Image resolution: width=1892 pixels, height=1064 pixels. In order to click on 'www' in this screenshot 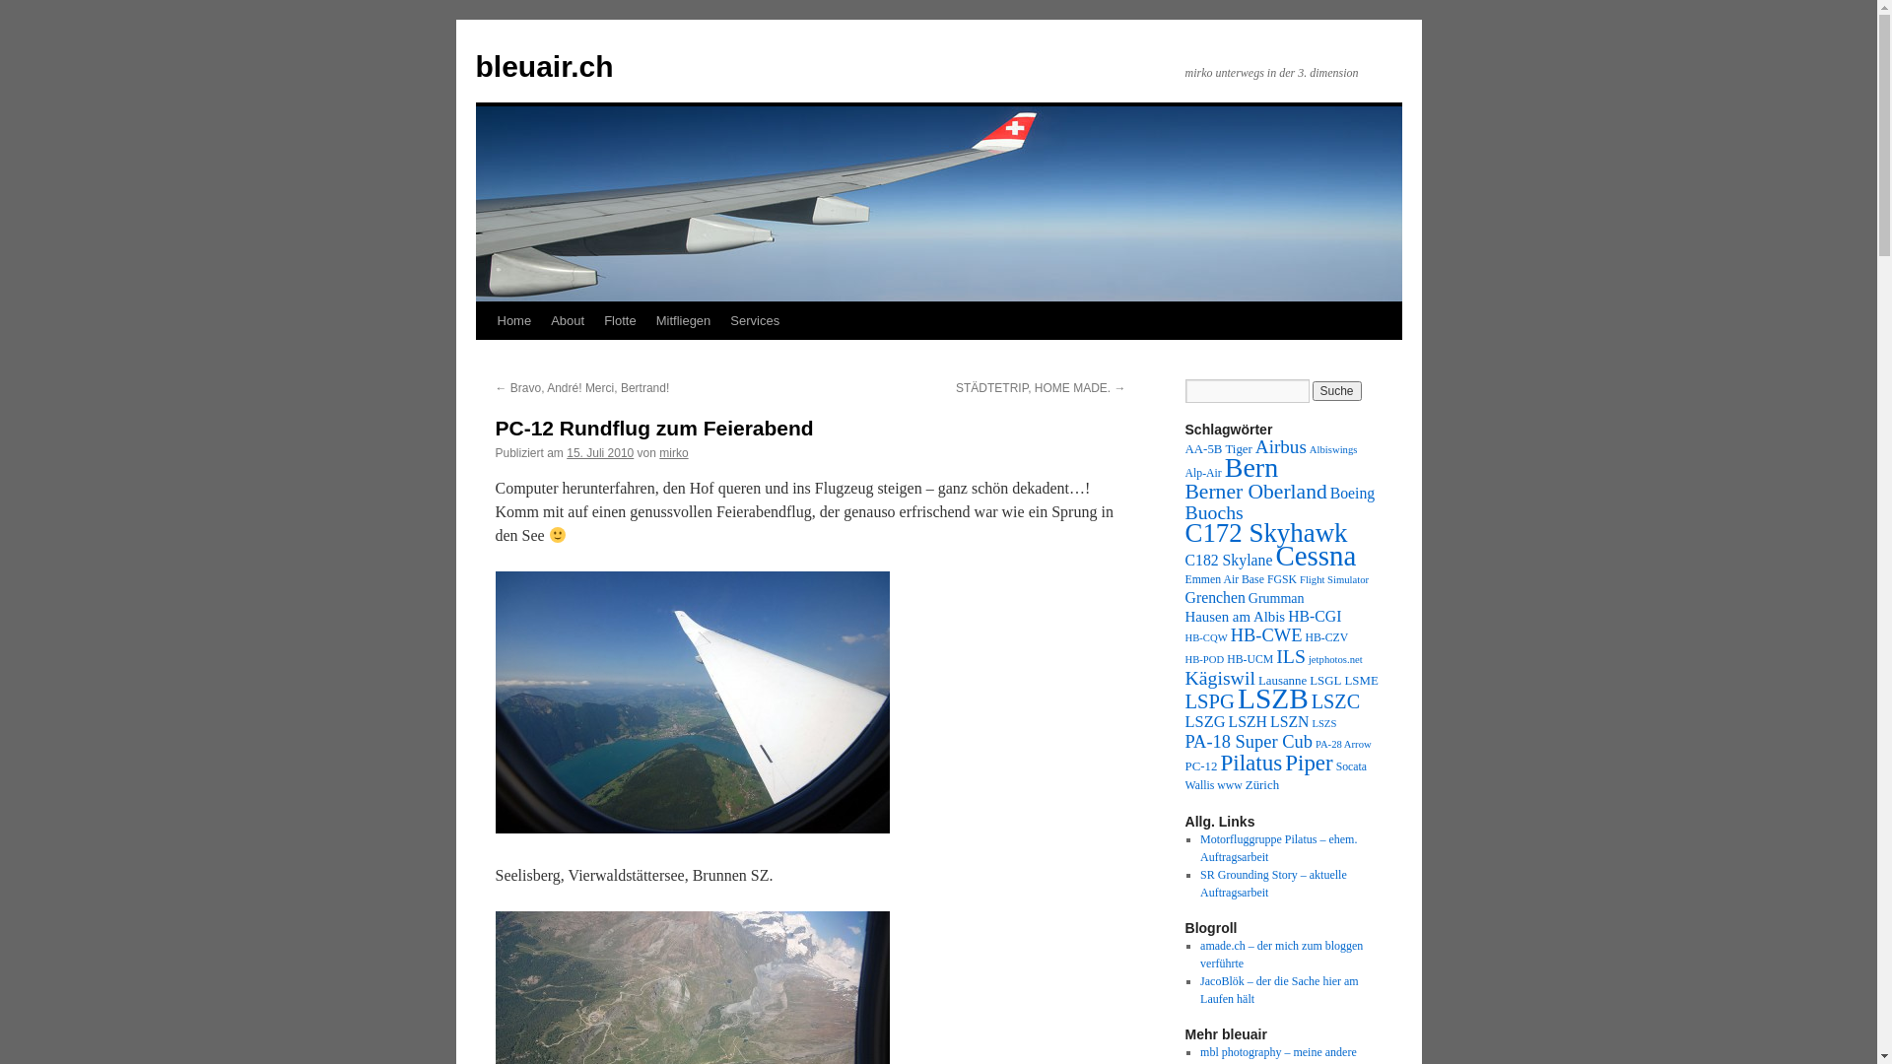, I will do `click(1229, 784)`.